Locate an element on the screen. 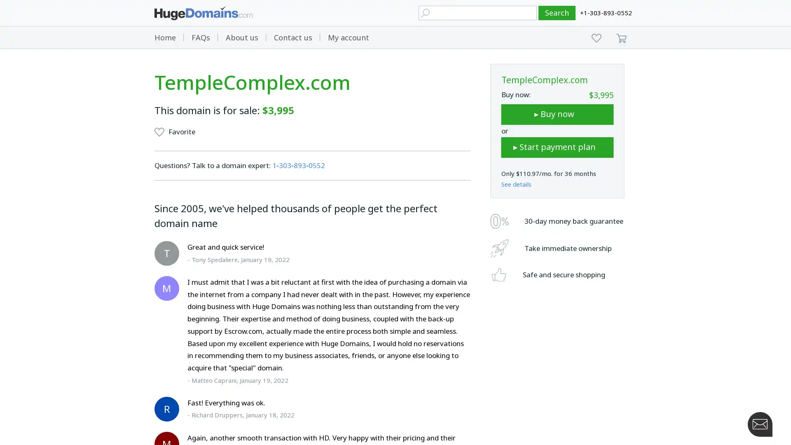 The width and height of the screenshot is (791, 445). Search is located at coordinates (557, 13).